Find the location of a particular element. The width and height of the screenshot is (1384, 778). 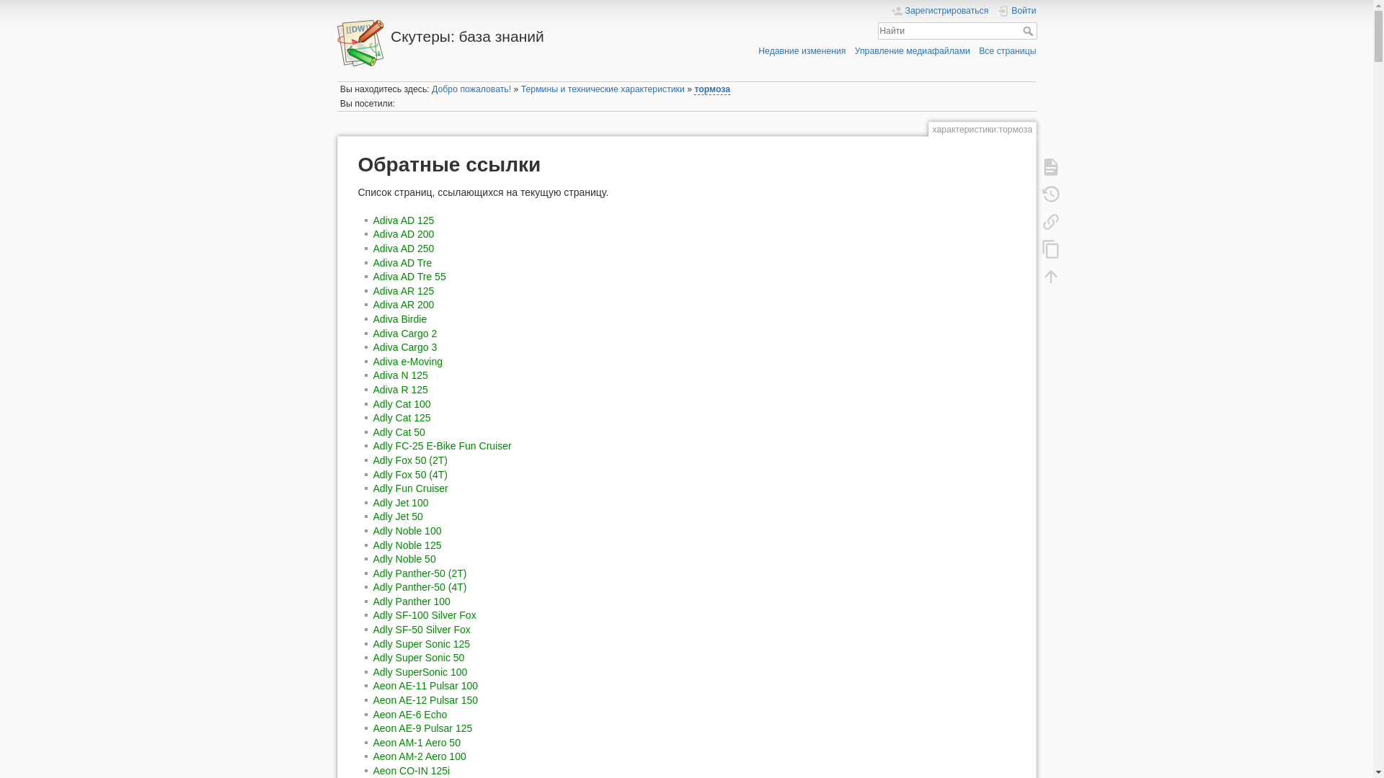

'Adiva Cargo 2' is located at coordinates (404, 333).